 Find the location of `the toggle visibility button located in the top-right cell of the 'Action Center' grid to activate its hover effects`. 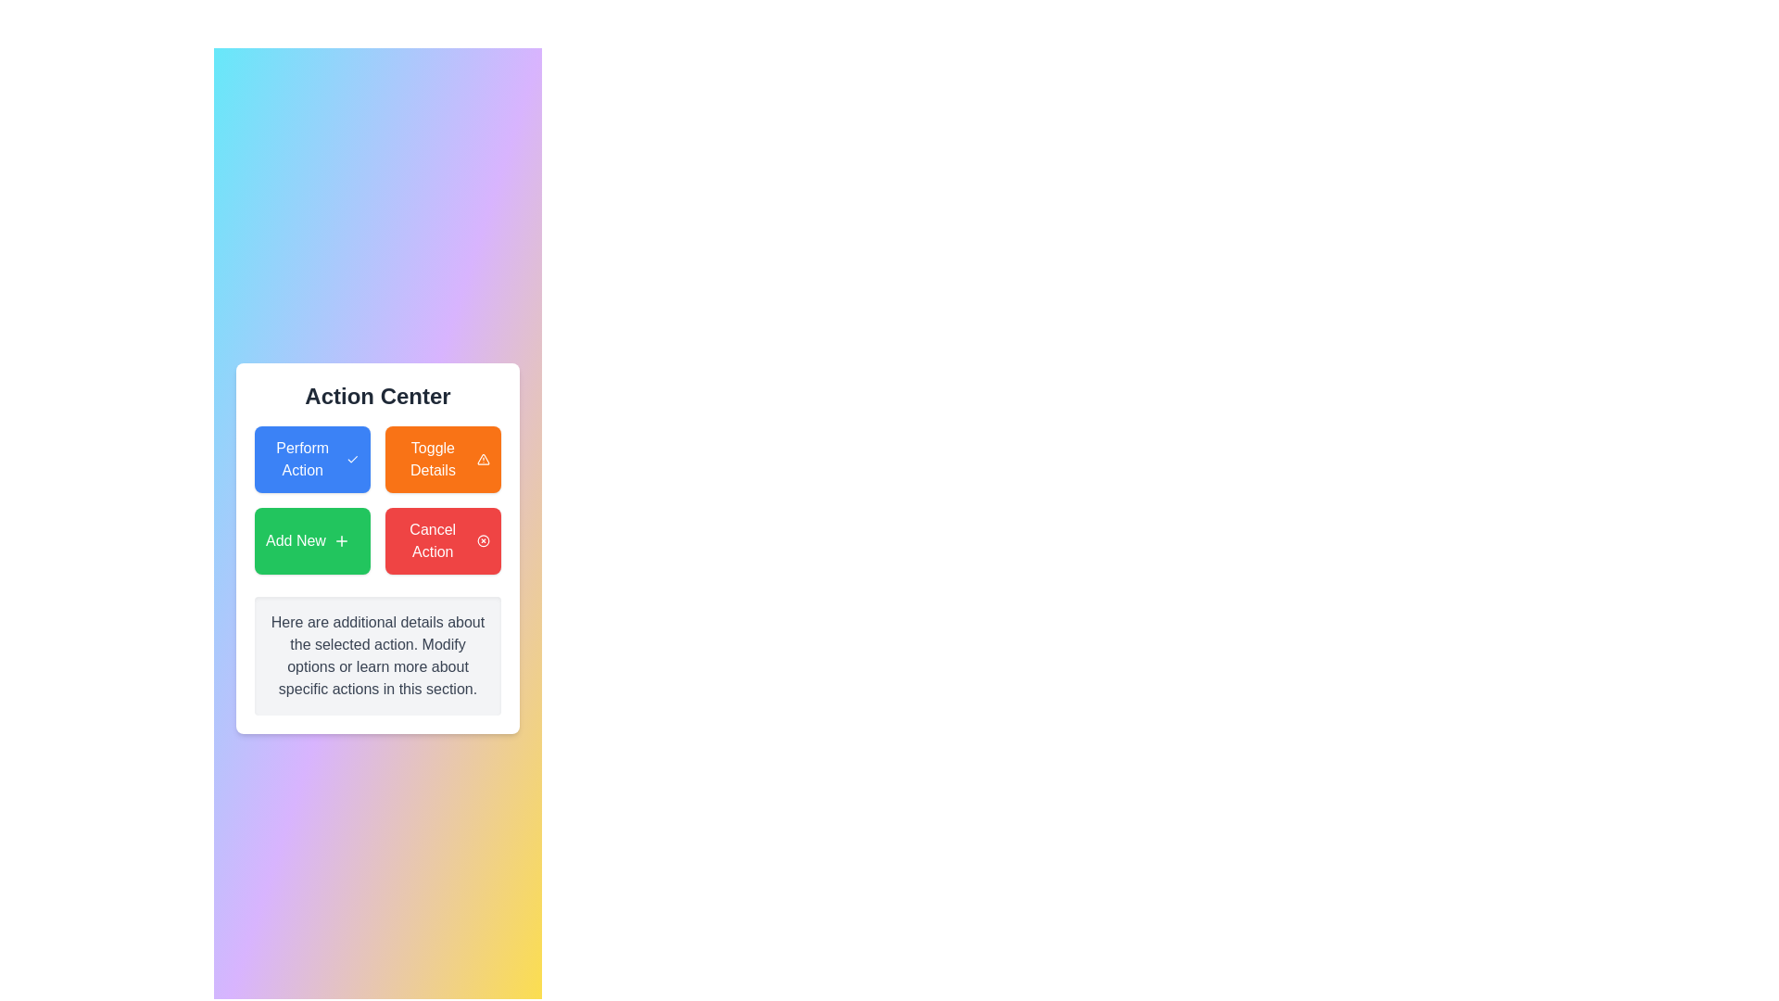

the toggle visibility button located in the top-right cell of the 'Action Center' grid to activate its hover effects is located at coordinates (442, 459).